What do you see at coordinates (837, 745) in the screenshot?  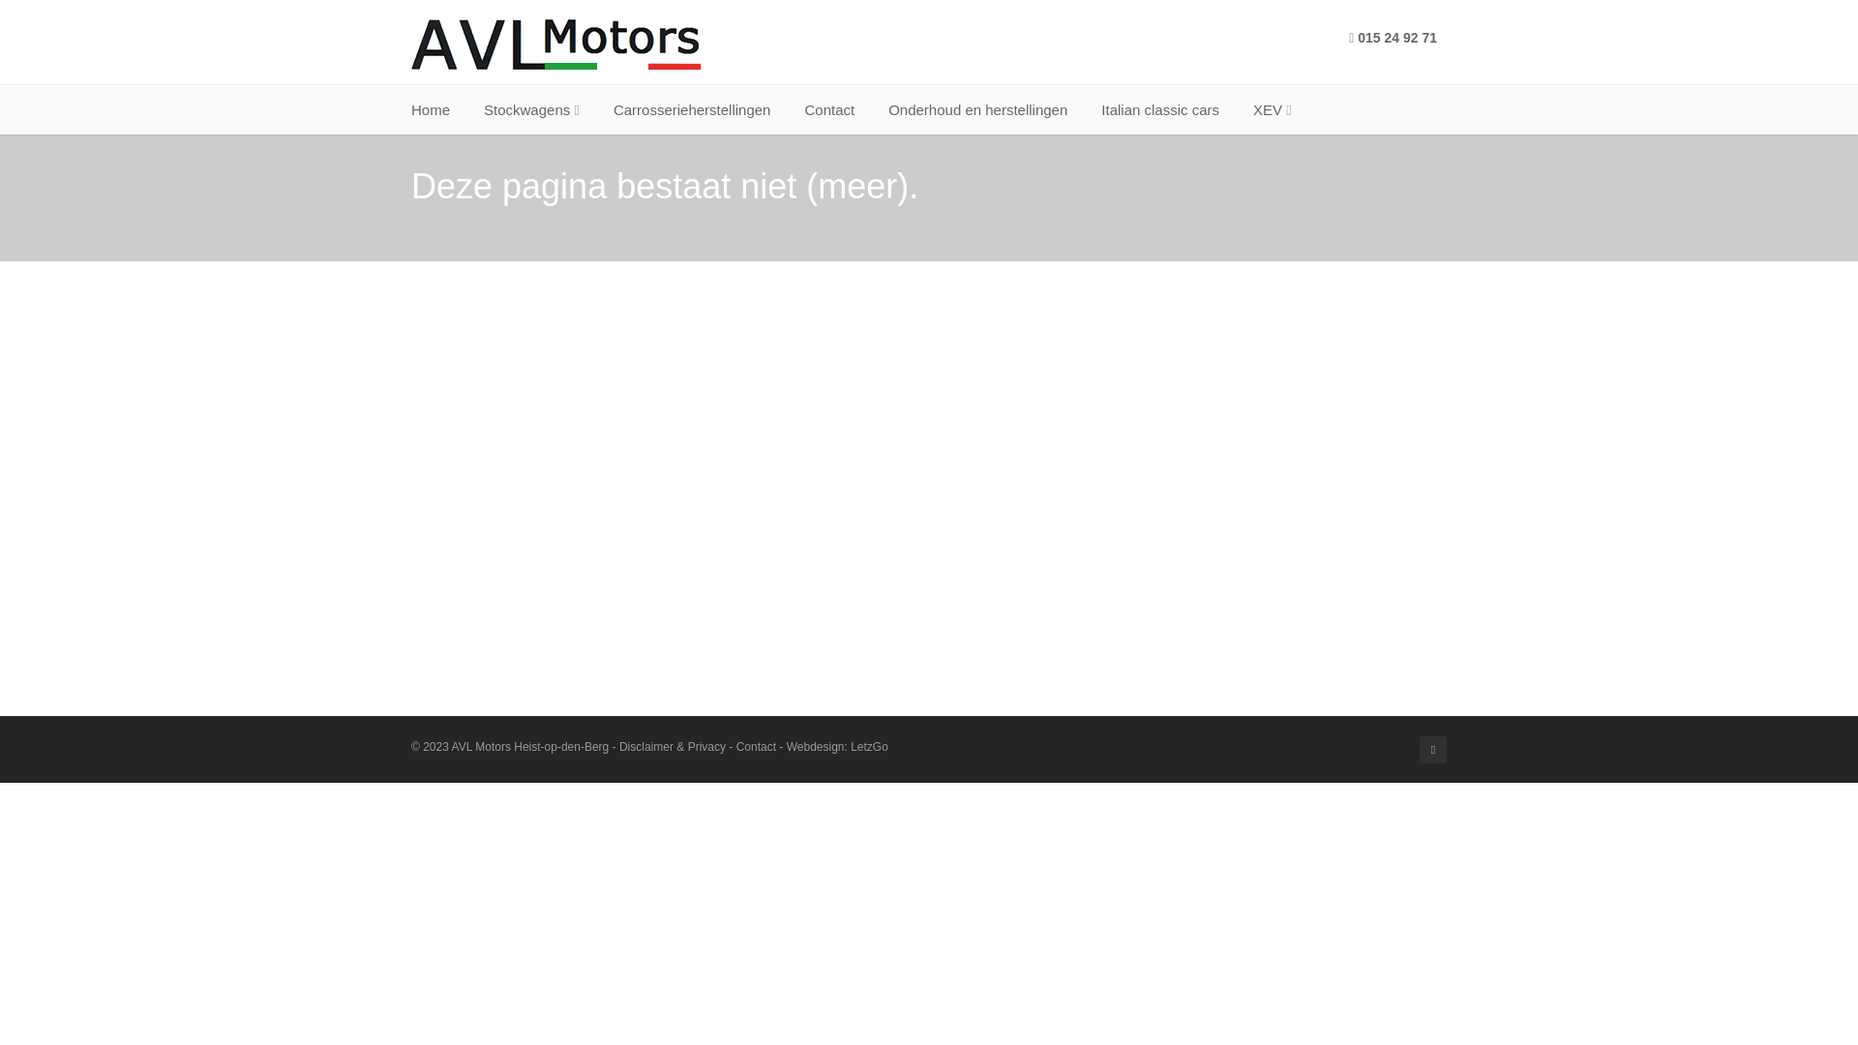 I see `'Webdesign: LetzGo'` at bounding box center [837, 745].